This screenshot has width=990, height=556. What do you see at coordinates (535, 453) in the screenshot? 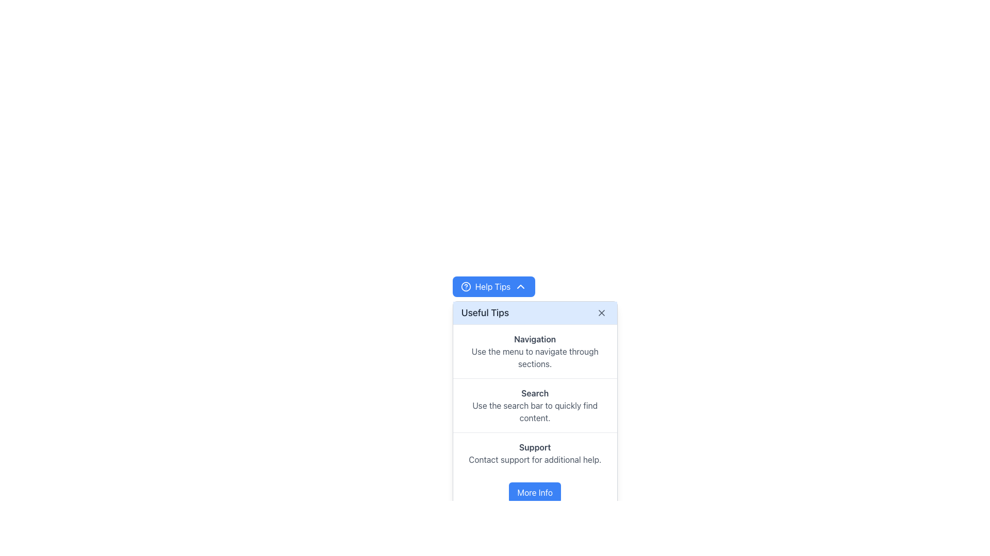
I see `the 'Support' text content block, which provides contextual information about support options and is the third element in the 'Useful Tips' section` at bounding box center [535, 453].